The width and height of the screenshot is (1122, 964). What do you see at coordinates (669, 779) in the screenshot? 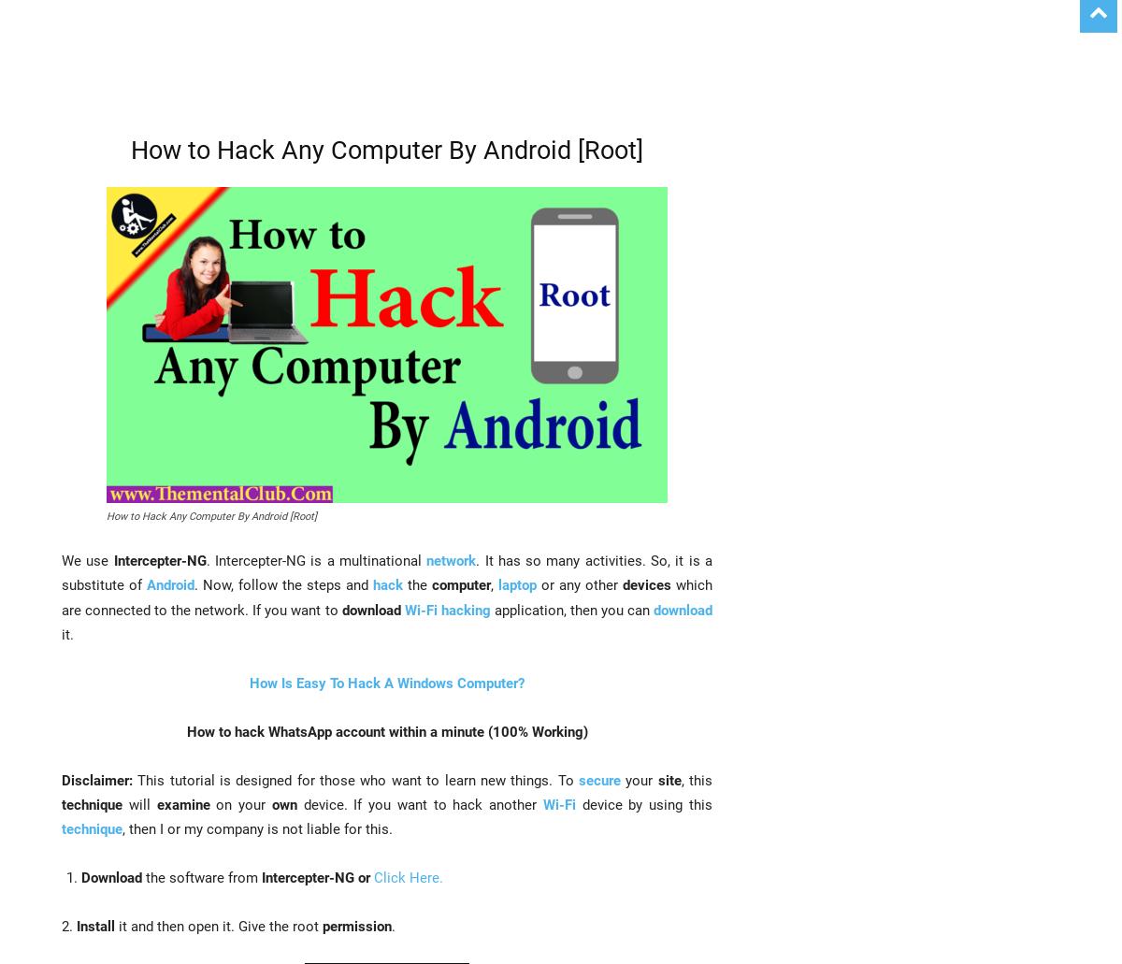
I see `'site'` at bounding box center [669, 779].